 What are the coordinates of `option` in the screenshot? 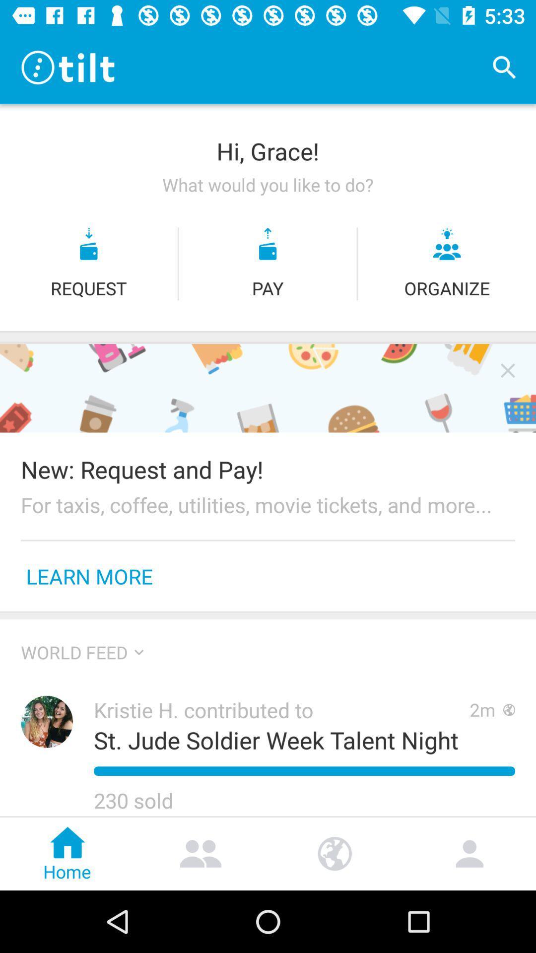 It's located at (508, 370).